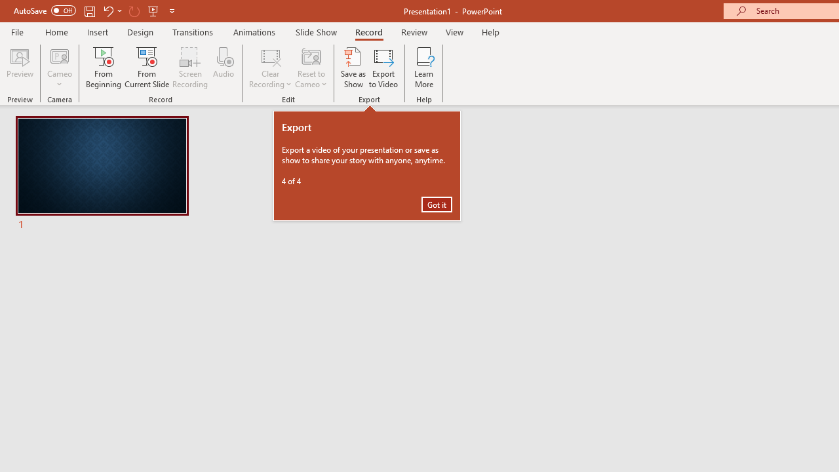 This screenshot has width=839, height=472. Describe the element at coordinates (254, 31) in the screenshot. I see `'Animations'` at that location.